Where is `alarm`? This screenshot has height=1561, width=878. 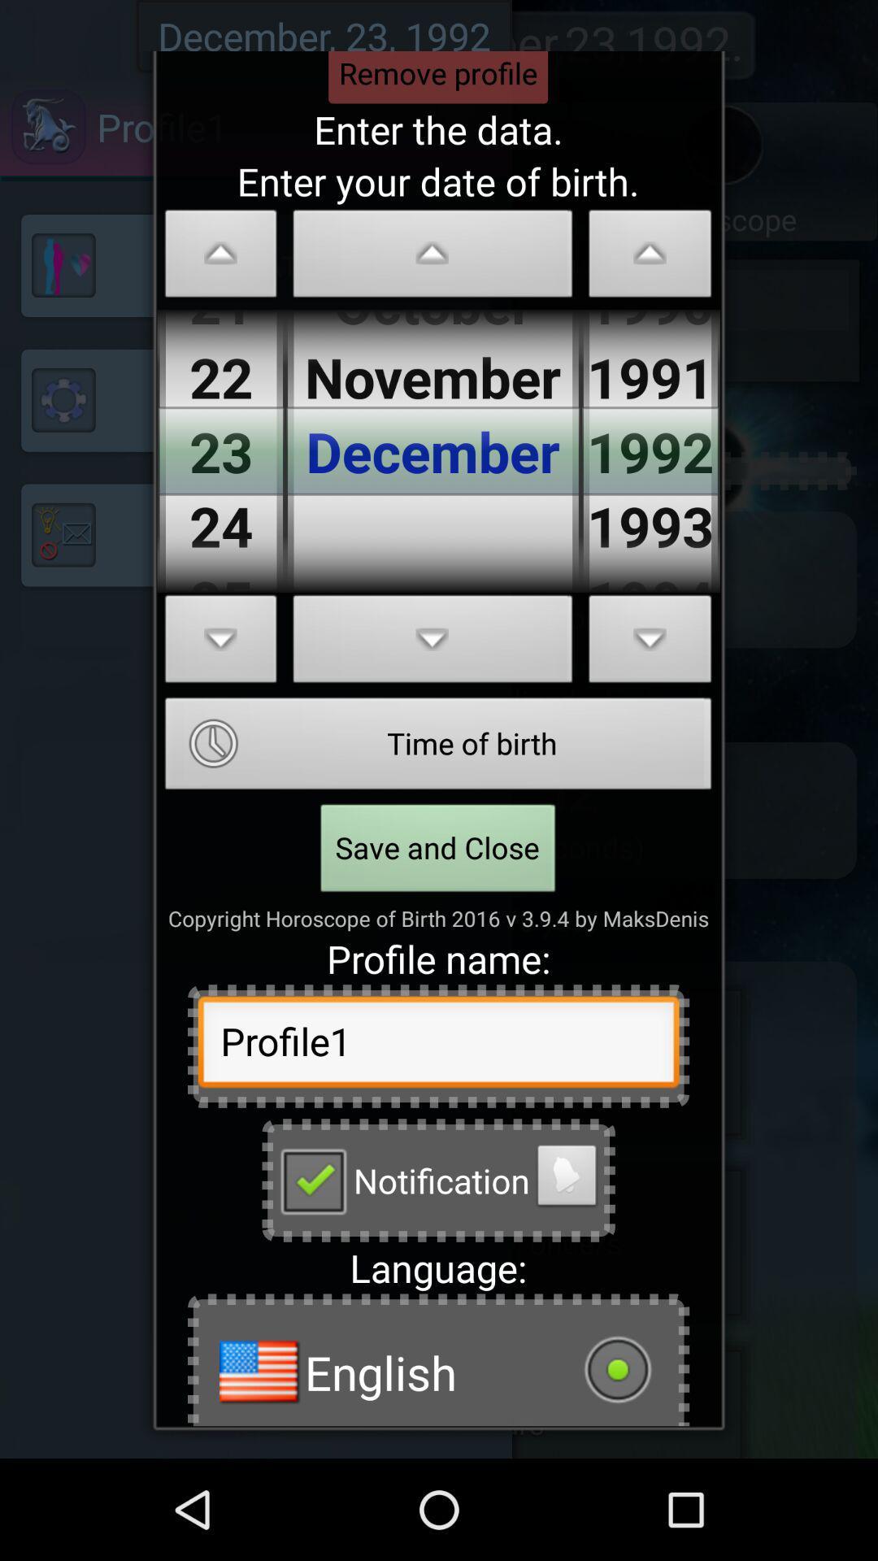 alarm is located at coordinates (566, 1180).